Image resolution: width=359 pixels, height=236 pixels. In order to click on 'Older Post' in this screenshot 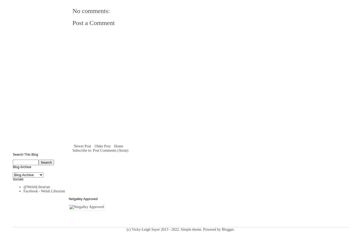, I will do `click(102, 146)`.